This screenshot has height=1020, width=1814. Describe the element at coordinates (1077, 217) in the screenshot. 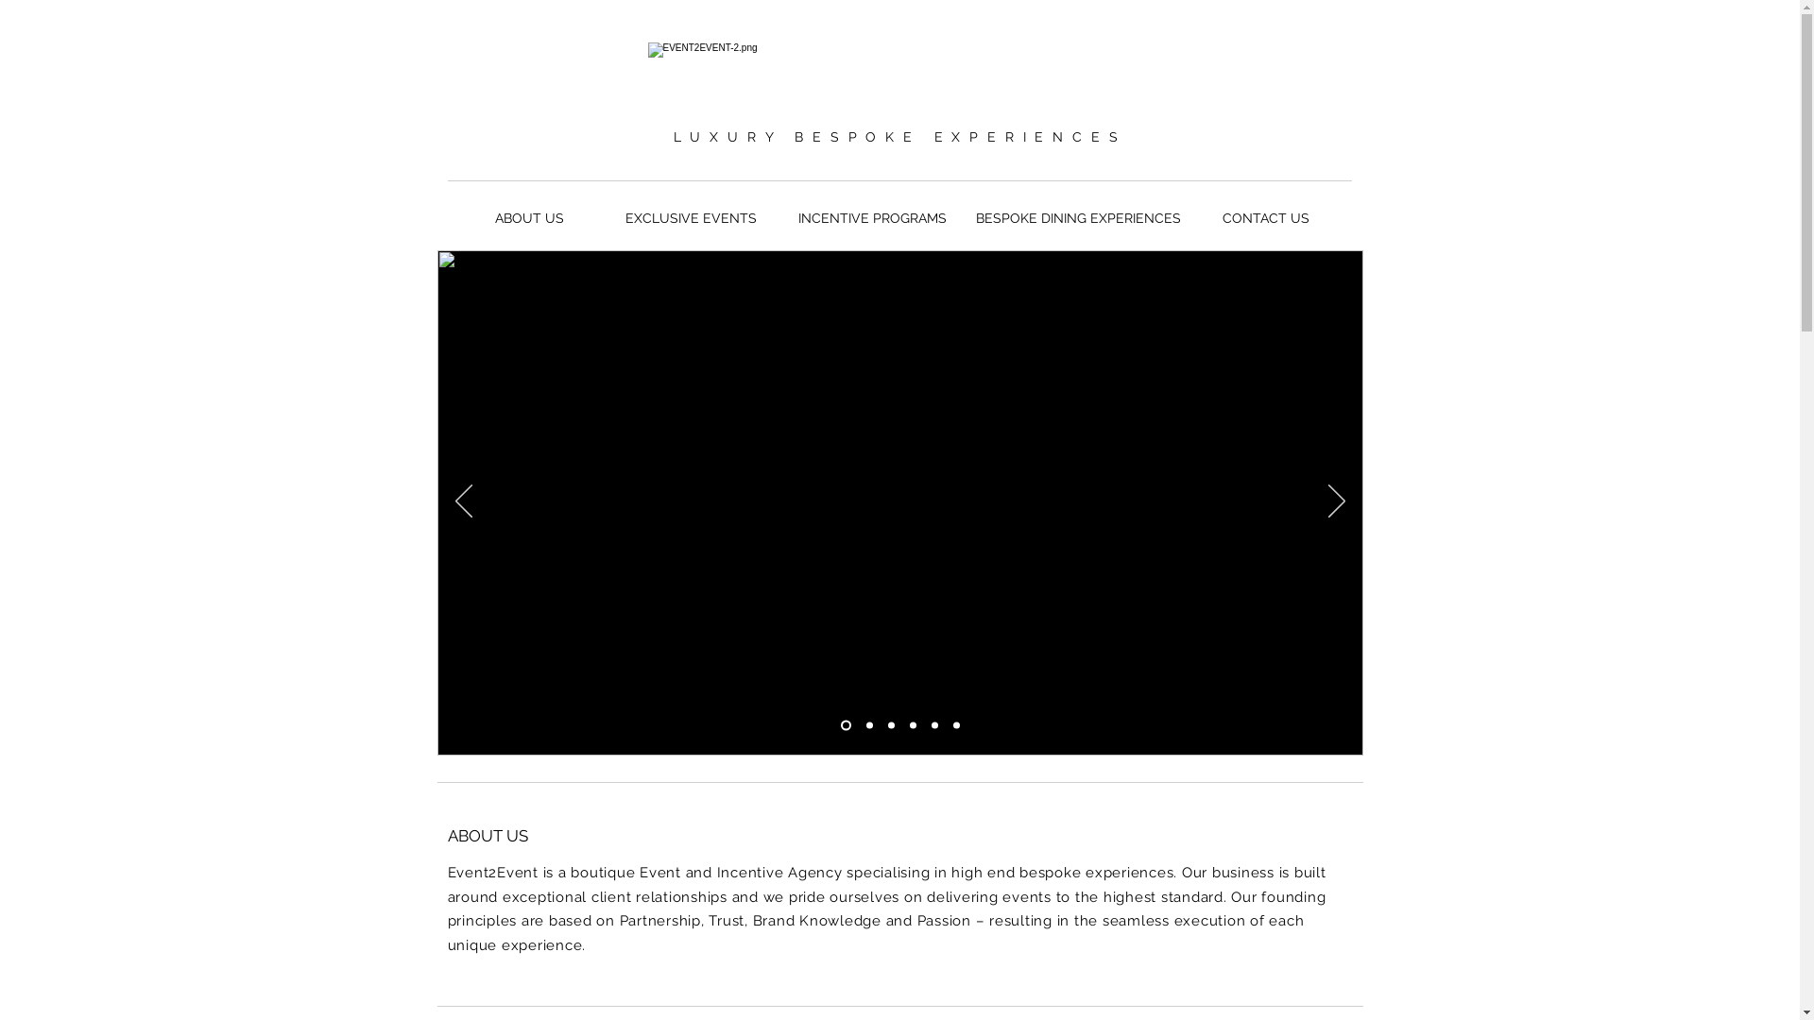

I see `'BESPOKE DINING EXPERIENCES'` at that location.